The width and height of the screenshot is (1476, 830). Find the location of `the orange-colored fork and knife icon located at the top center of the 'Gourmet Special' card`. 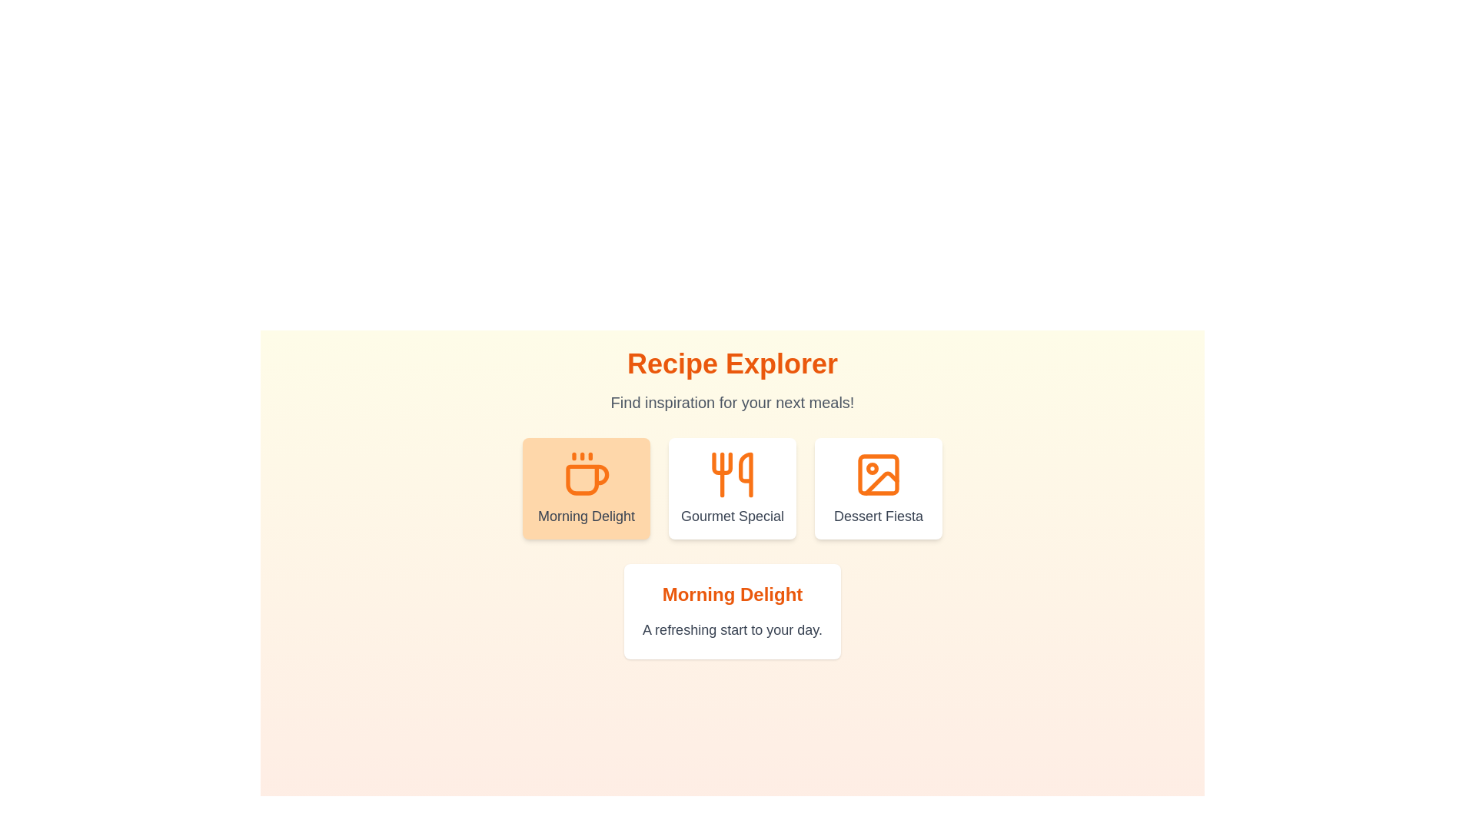

the orange-colored fork and knife icon located at the top center of the 'Gourmet Special' card is located at coordinates (732, 473).